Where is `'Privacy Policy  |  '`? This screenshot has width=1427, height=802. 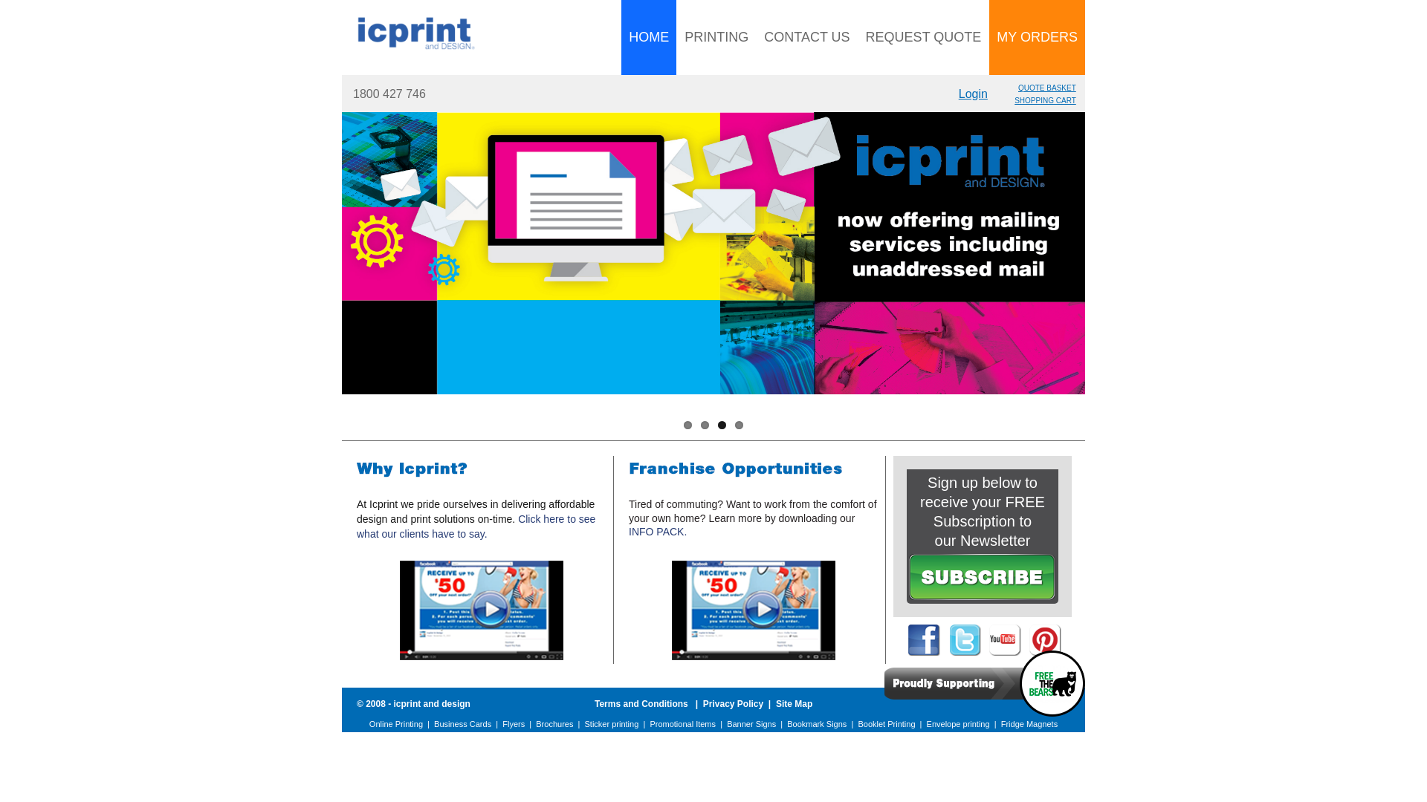 'Privacy Policy  |  ' is located at coordinates (739, 703).